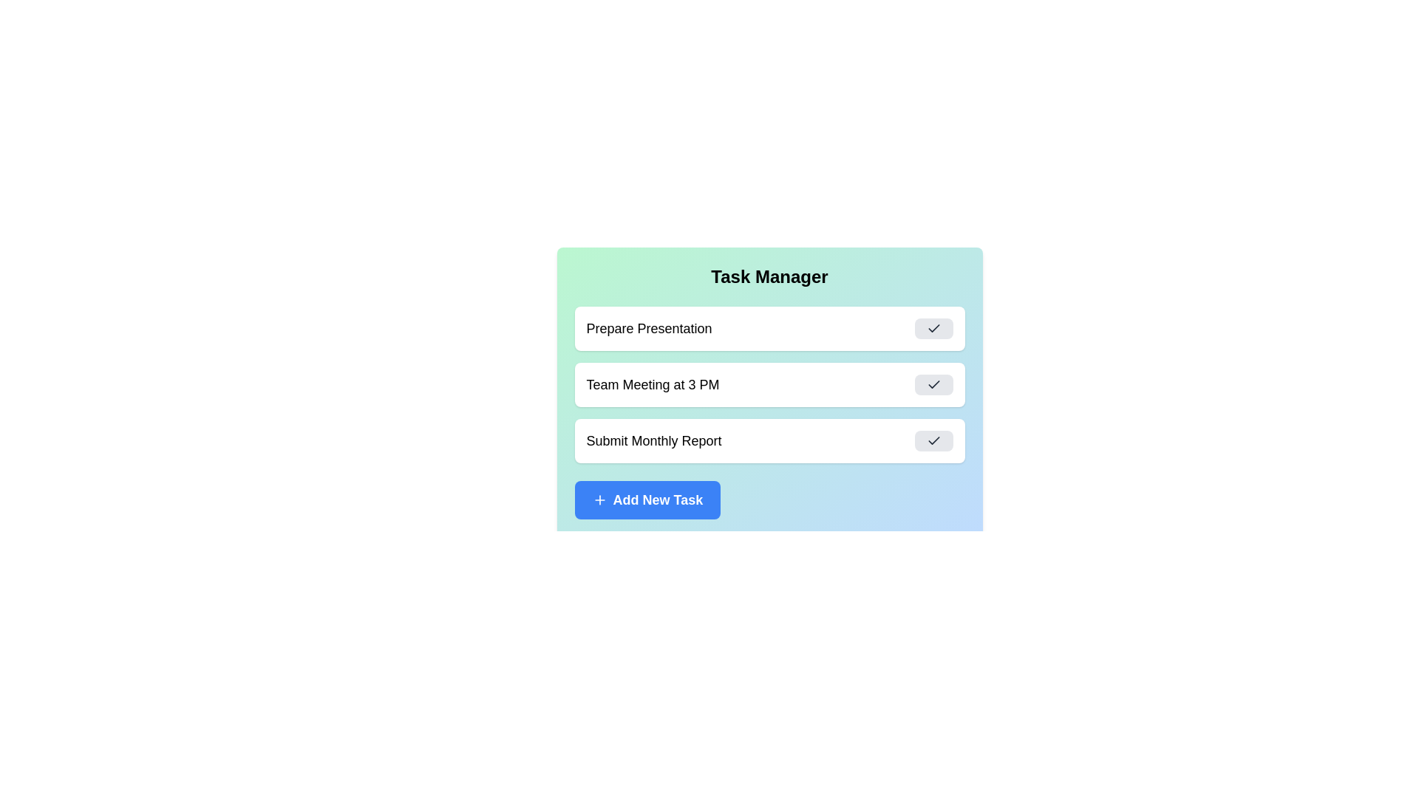  I want to click on the task Submit Monthly Report to read its details, so click(769, 440).